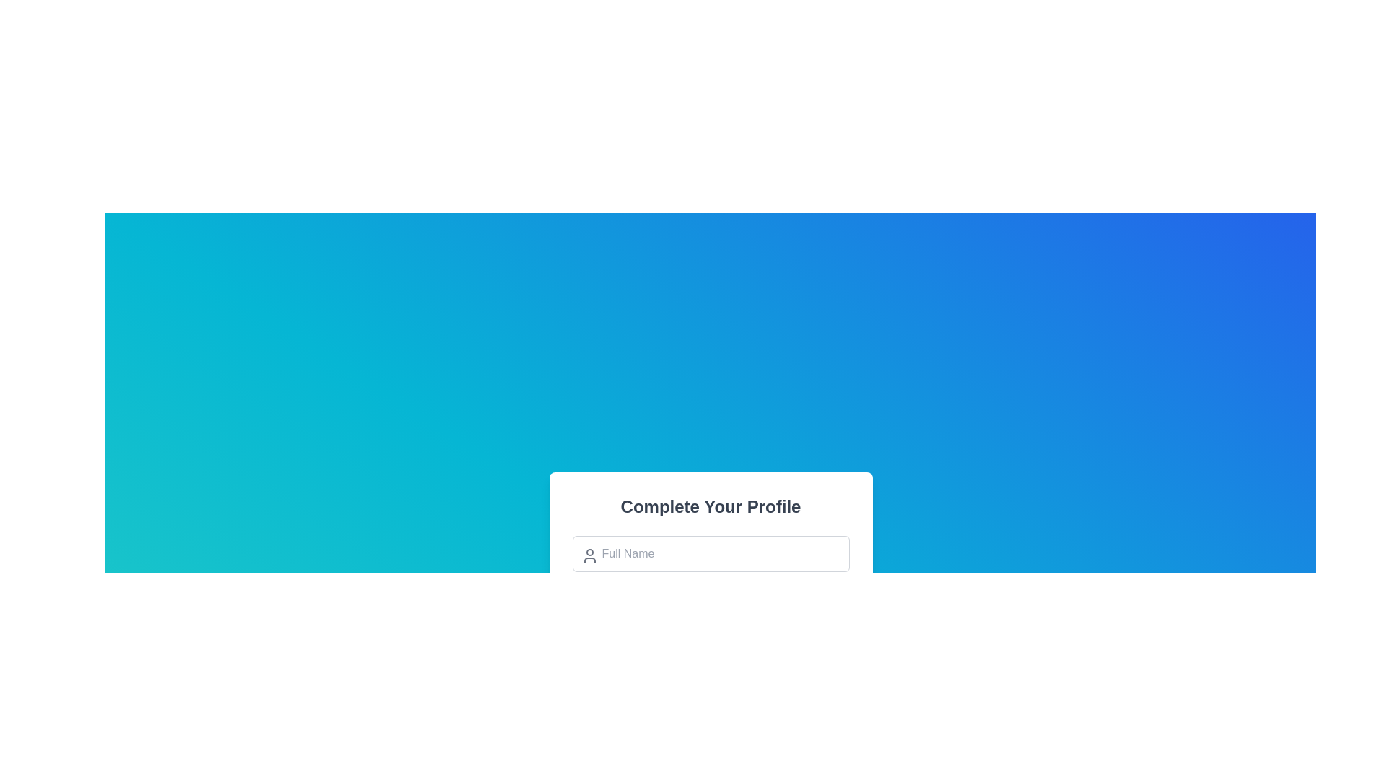 This screenshot has width=1385, height=779. What do you see at coordinates (589, 555) in the screenshot?
I see `the user profile silhouette icon, which is gray and located to the left of the 'Full Name' text input field` at bounding box center [589, 555].